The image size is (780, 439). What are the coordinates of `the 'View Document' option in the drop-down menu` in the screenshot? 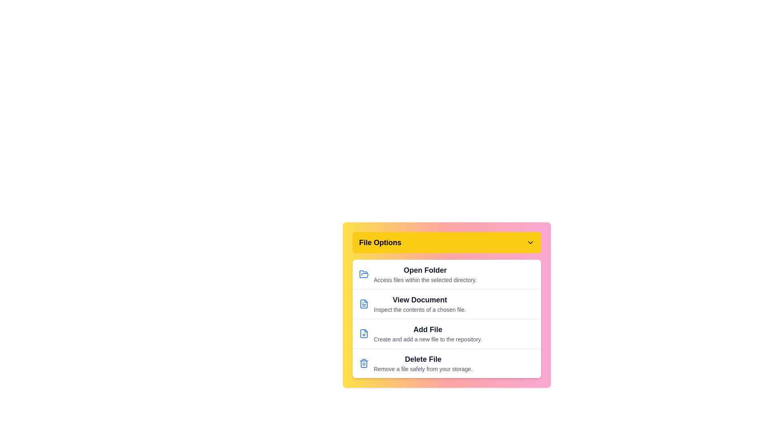 It's located at (446, 304).